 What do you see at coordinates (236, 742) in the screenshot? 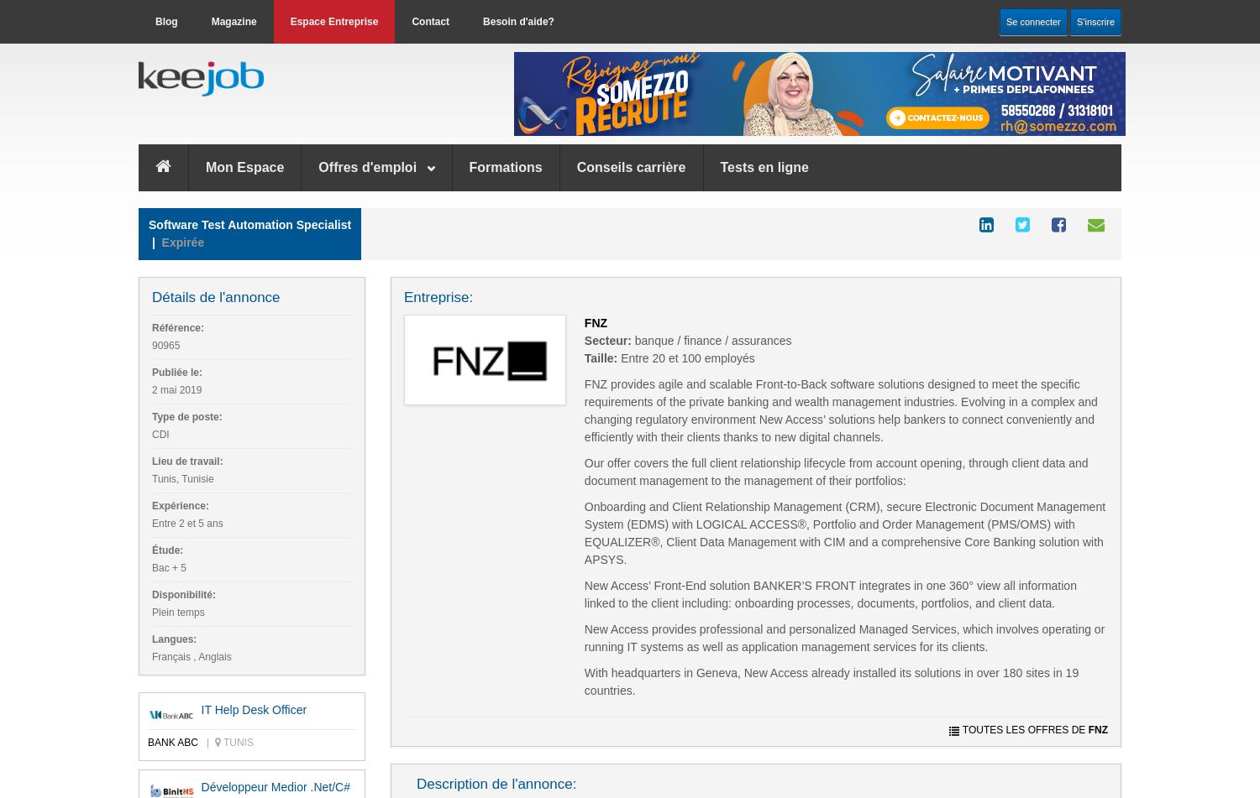
I see `'Tunis'` at bounding box center [236, 742].